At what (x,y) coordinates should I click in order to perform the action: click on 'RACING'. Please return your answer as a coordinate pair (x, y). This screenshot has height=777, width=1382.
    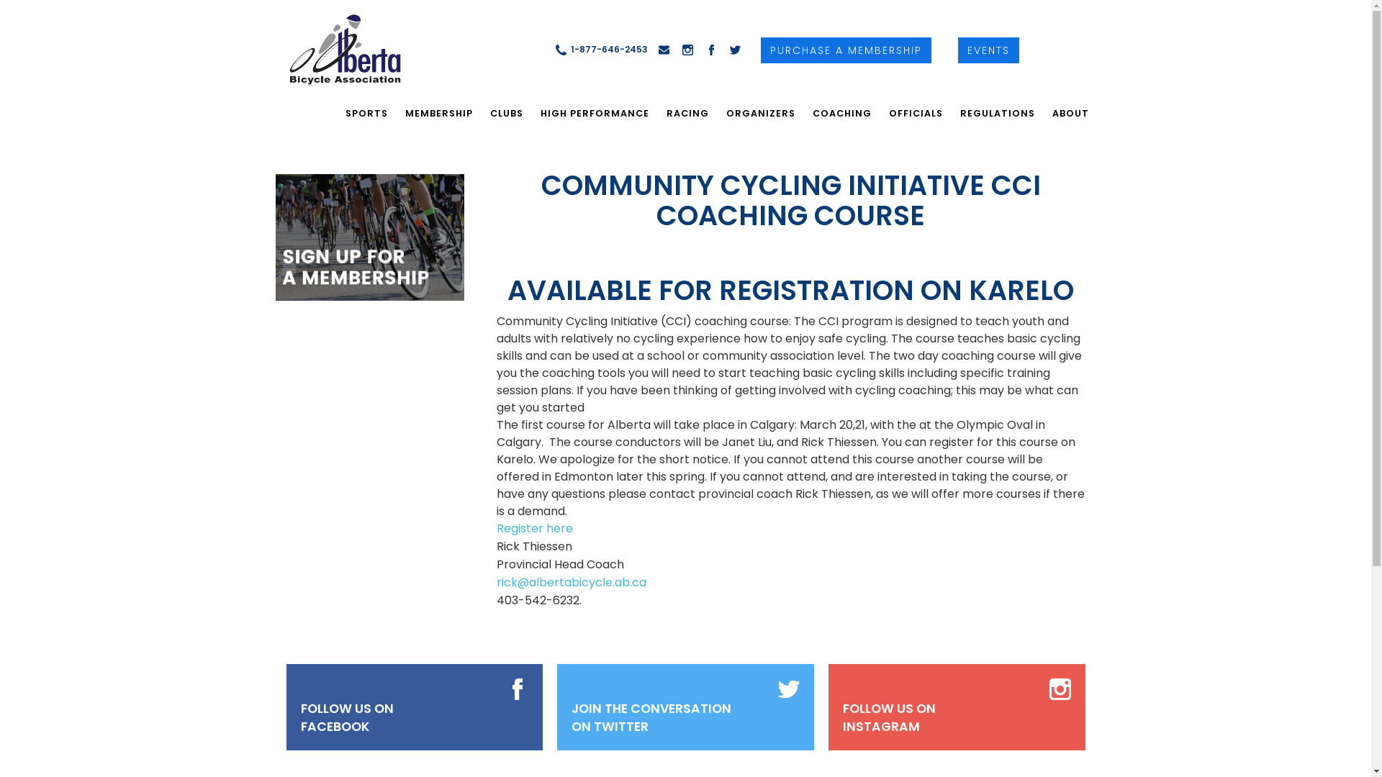
    Looking at the image, I should click on (687, 113).